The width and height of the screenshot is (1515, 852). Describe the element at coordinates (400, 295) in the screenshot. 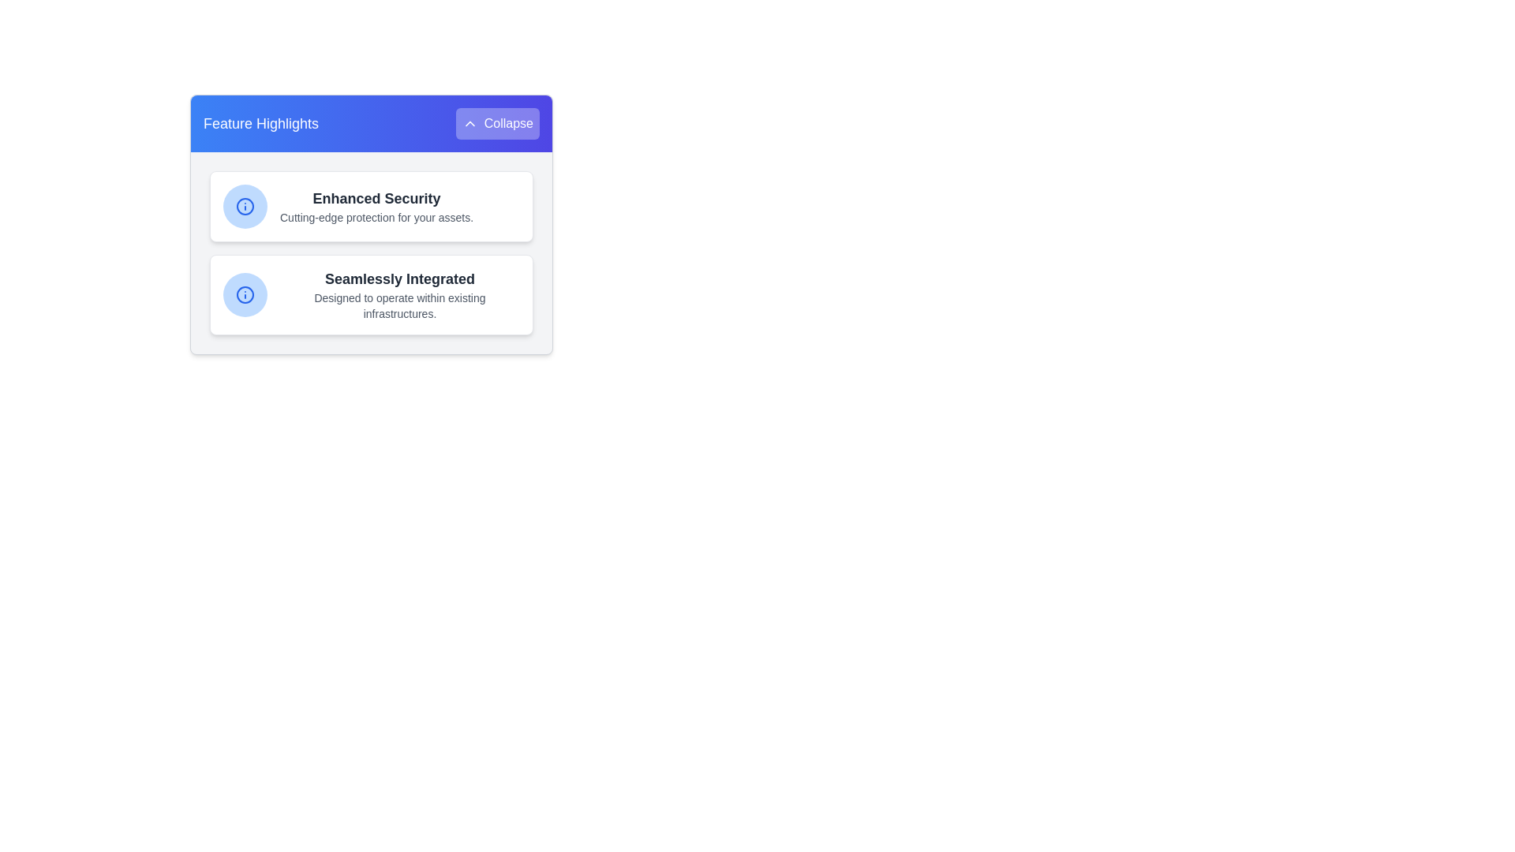

I see `the text content describing the feature 'Seamlessly Integrated' within the card component` at that location.